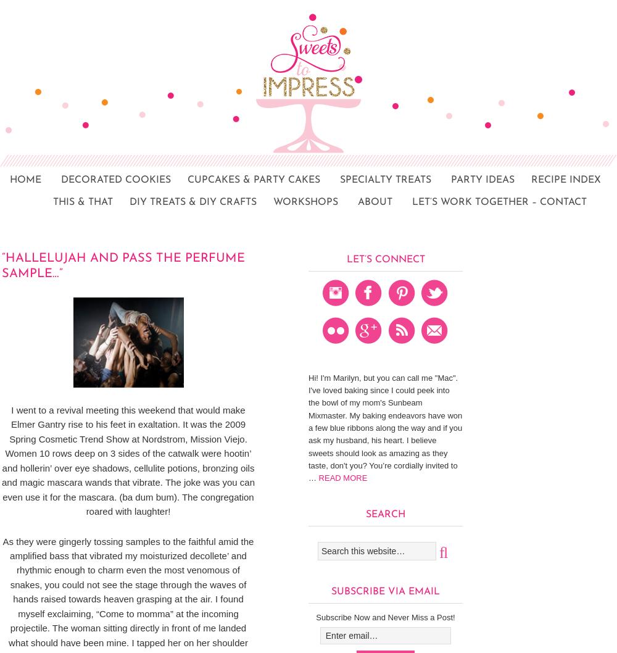 This screenshot has width=617, height=653. I want to click on 'Subscribe via Email', so click(331, 591).